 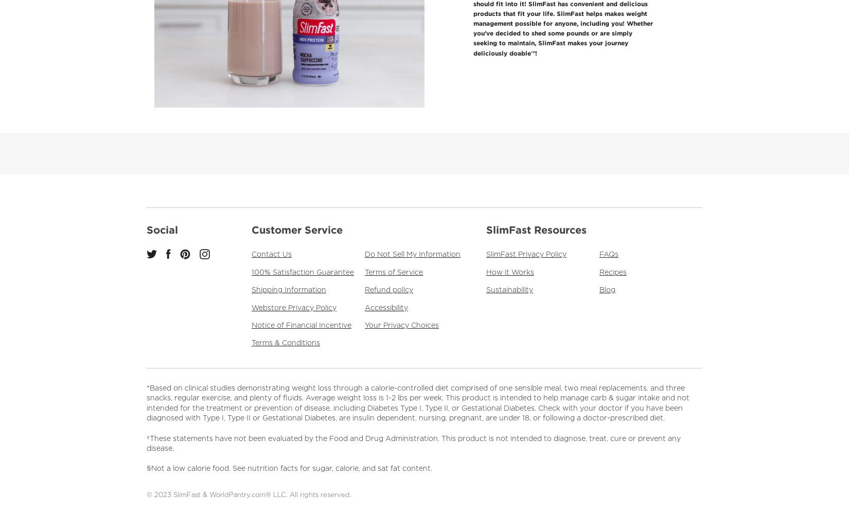 I want to click on 'Terms of Service', so click(x=364, y=272).